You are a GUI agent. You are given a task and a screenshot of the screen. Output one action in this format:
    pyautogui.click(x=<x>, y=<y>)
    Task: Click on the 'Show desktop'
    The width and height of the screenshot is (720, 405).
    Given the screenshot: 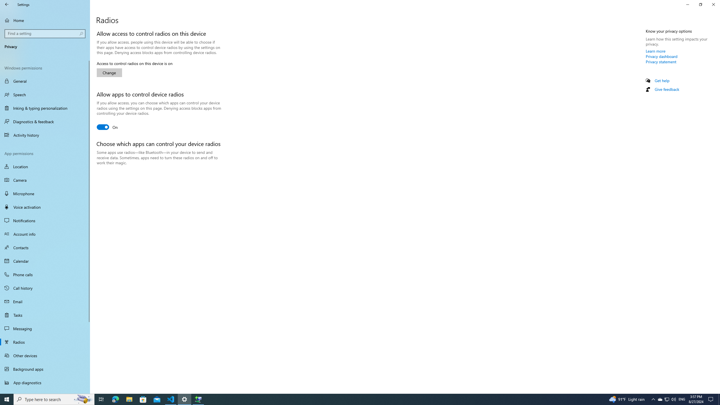 What is the action you would take?
    pyautogui.click(x=719, y=399)
    